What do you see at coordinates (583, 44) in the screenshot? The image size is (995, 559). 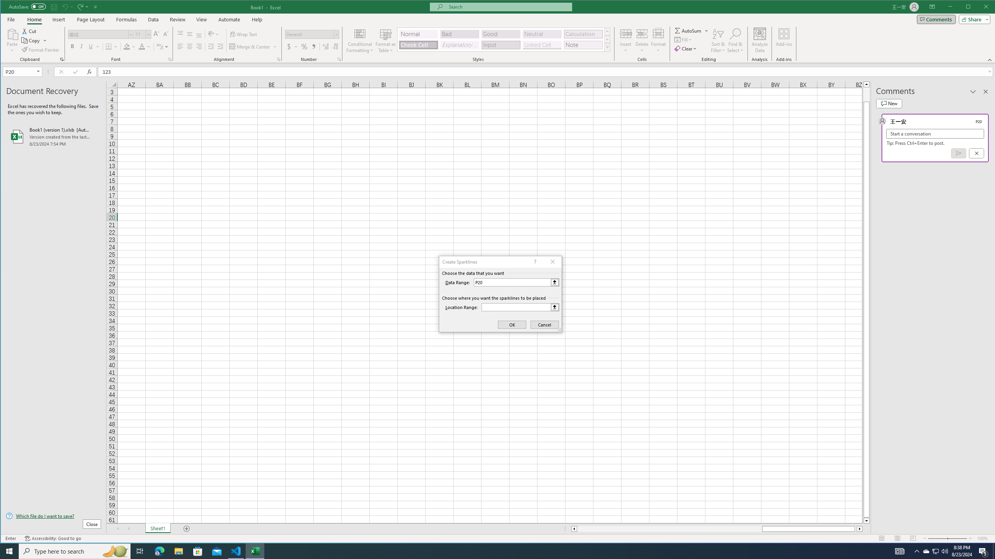 I see `'Note'` at bounding box center [583, 44].